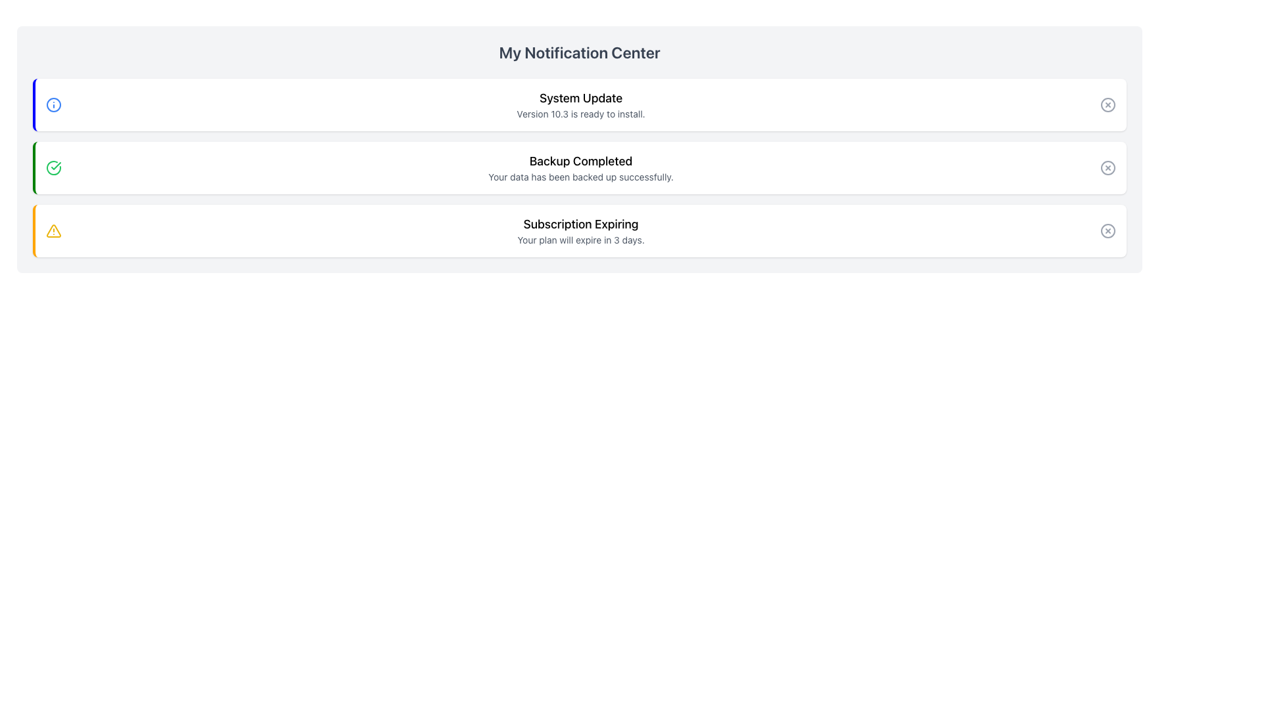  Describe the element at coordinates (1107, 230) in the screenshot. I see `the decorative graphical element of the red cross icon indicating deletion in the 'Subscription Expiring' notification block located at the bottom of the list` at that location.